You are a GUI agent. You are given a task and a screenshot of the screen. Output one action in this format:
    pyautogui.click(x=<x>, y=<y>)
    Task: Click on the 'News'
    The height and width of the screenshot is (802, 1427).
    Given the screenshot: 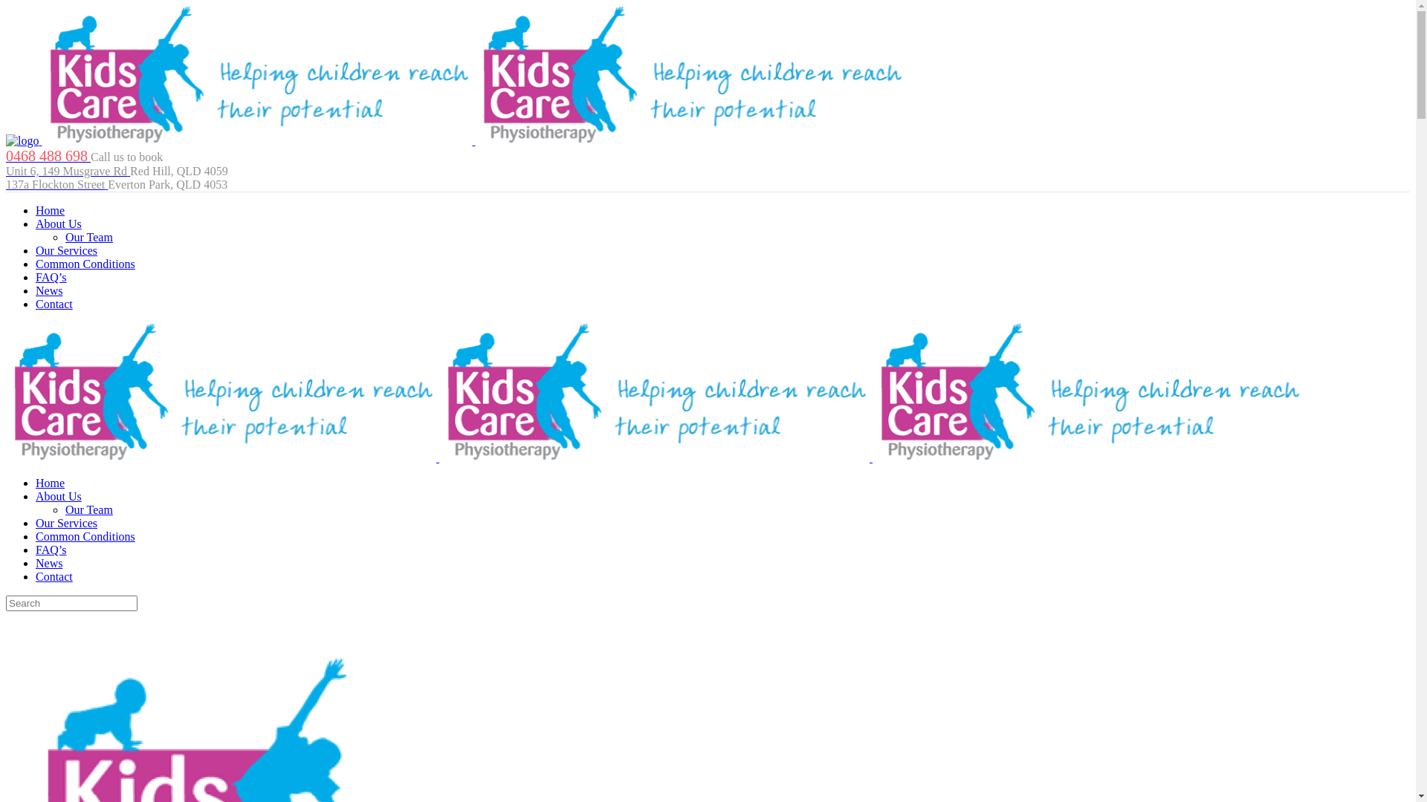 What is the action you would take?
    pyautogui.click(x=49, y=290)
    